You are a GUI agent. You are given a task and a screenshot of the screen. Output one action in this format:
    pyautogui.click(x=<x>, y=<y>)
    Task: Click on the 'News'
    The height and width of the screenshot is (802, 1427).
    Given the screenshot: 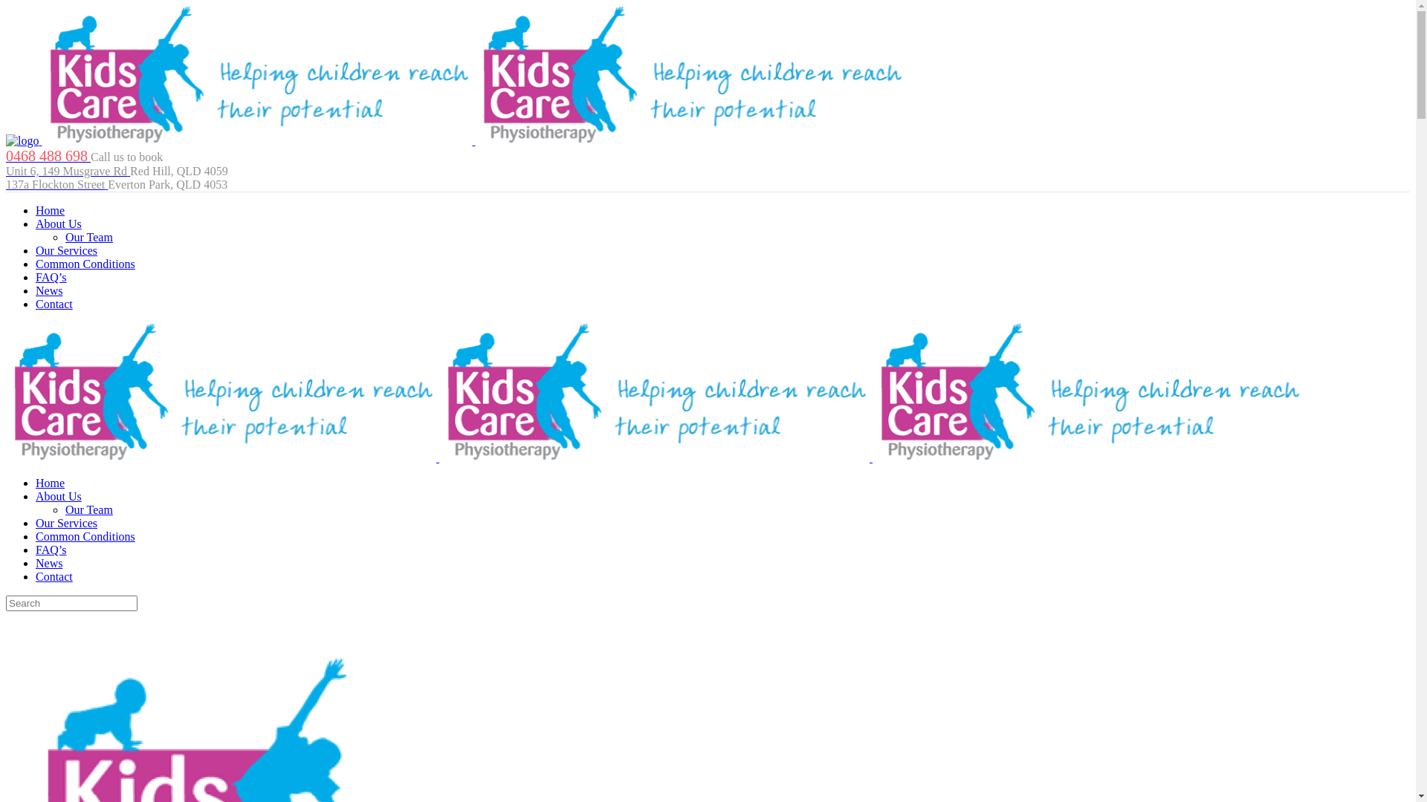 What is the action you would take?
    pyautogui.click(x=49, y=290)
    